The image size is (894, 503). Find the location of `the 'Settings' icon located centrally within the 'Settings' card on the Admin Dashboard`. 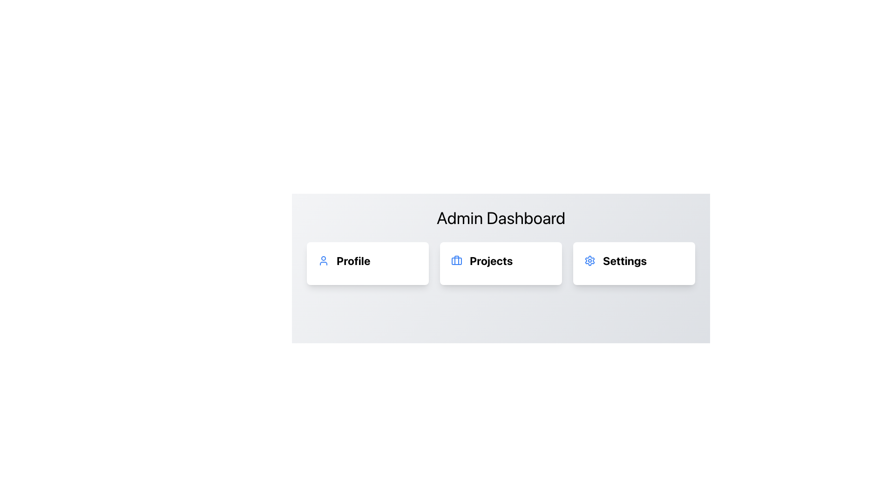

the 'Settings' icon located centrally within the 'Settings' card on the Admin Dashboard is located at coordinates (589, 260).